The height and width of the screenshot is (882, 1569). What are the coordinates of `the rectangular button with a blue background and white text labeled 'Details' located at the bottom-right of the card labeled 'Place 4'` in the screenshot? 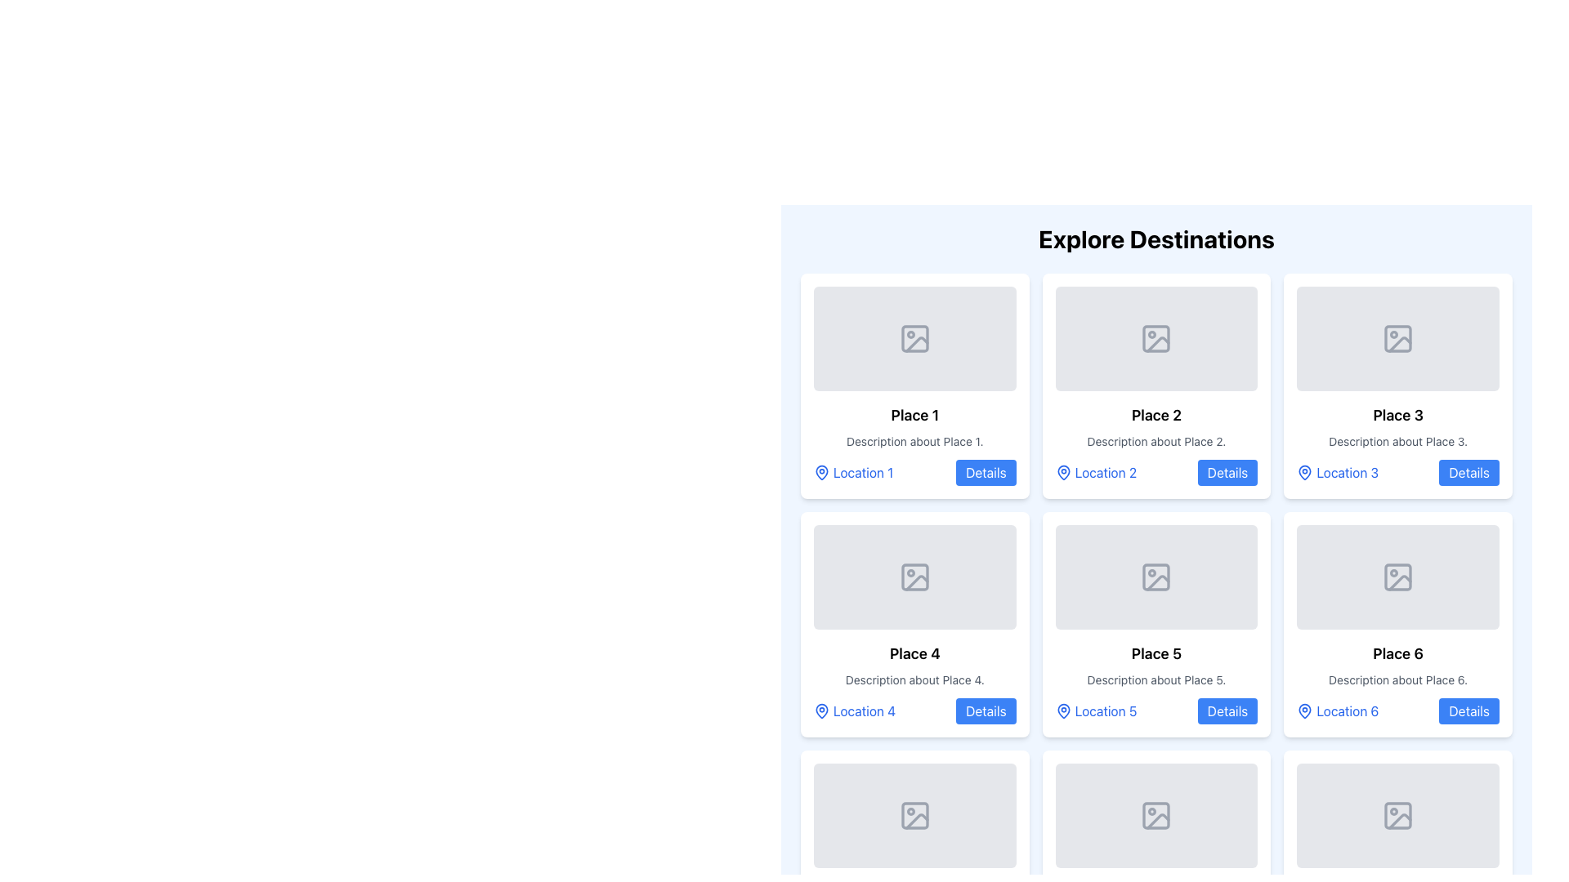 It's located at (985, 710).